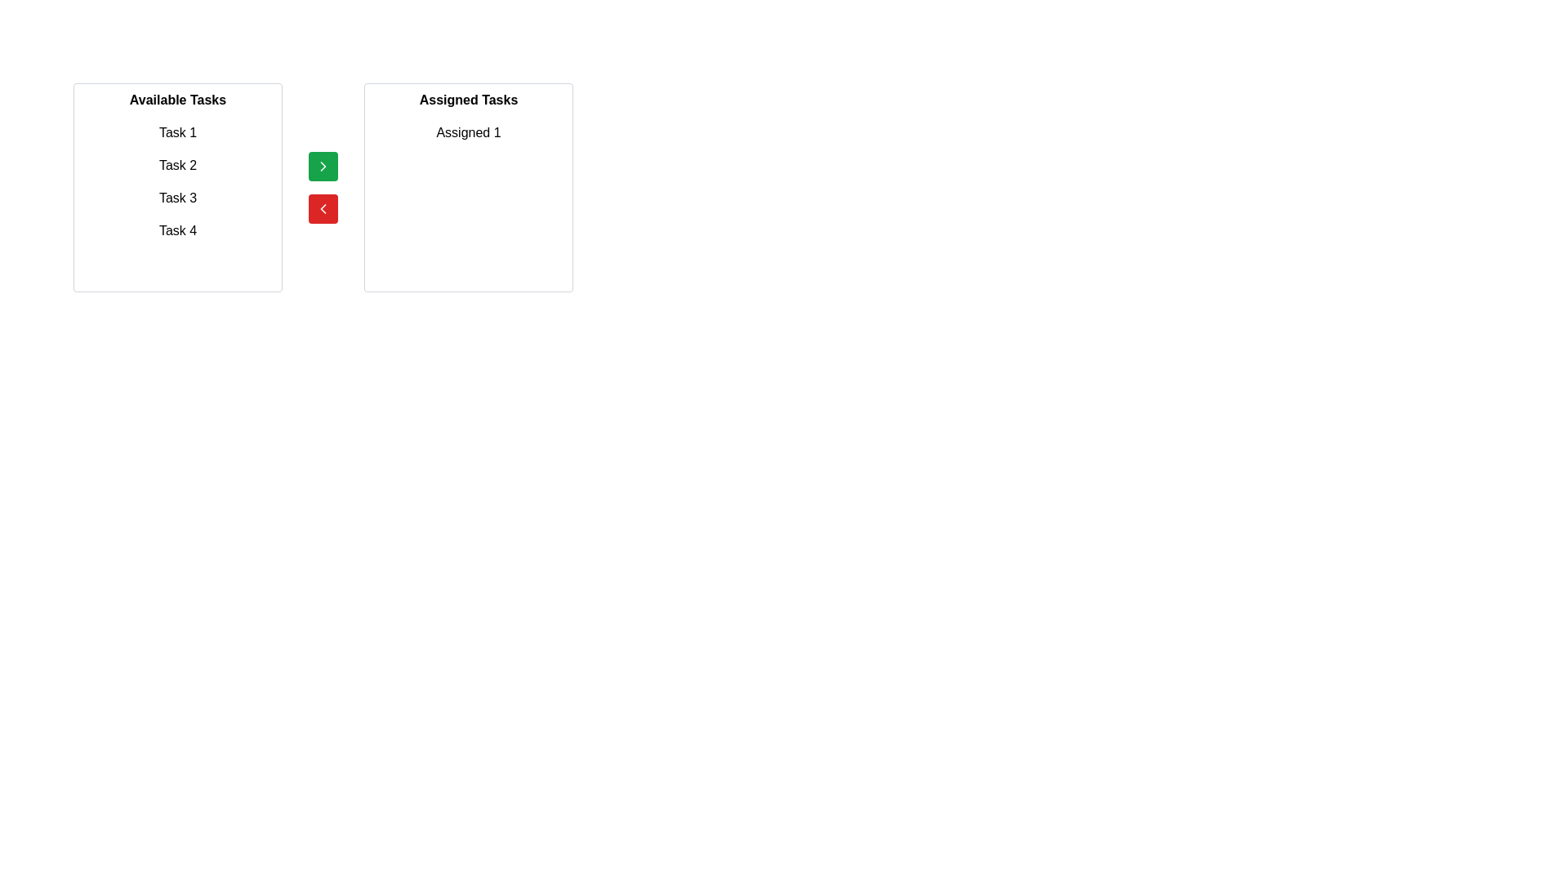 This screenshot has height=882, width=1568. Describe the element at coordinates (177, 198) in the screenshot. I see `the third item in the 'Available Tasks' list` at that location.